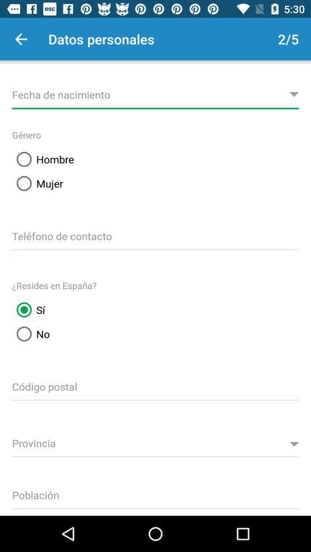 Image resolution: width=311 pixels, height=552 pixels. I want to click on text box enter postal code, so click(155, 385).